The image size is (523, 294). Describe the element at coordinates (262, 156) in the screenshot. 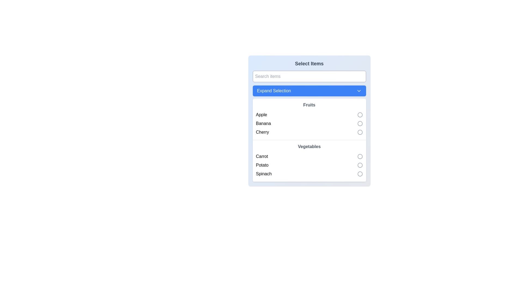

I see `the 'Carrot' text label in the 'Vegetables' section, which is the first item listed and is positioned to the left of a circular selection indicator` at that location.